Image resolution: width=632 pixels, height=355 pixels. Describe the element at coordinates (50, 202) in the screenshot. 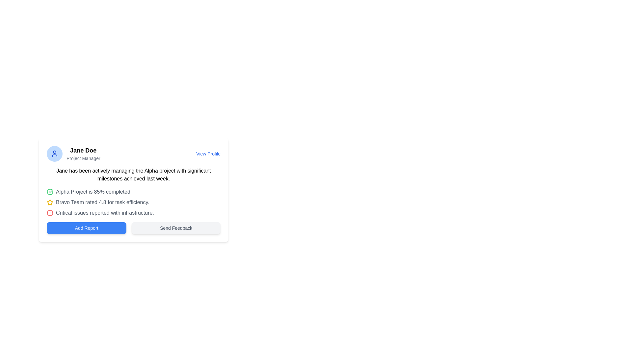

I see `the feedback icon located near the middle-bottom of the UI, below the descriptive text about performance and above the action buttons, to interact with it` at that location.